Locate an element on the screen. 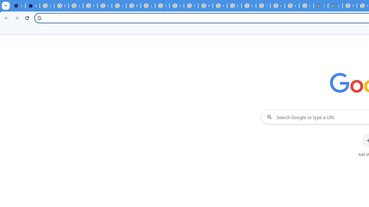  'Extensions' is located at coordinates (32, 6).